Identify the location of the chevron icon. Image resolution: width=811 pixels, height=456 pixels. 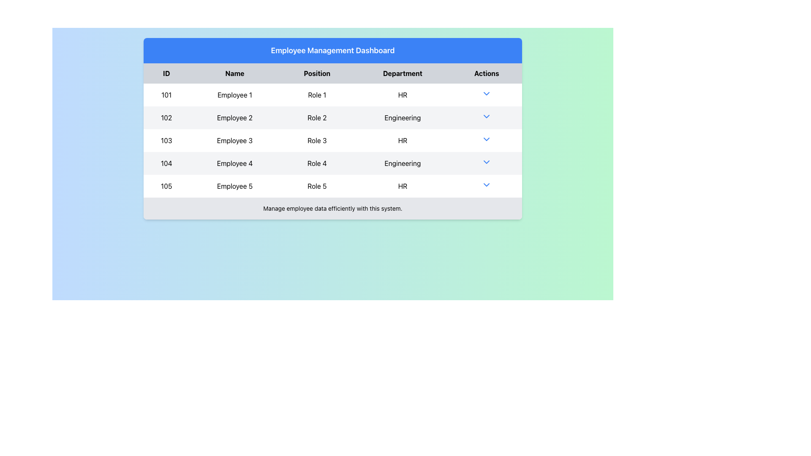
(487, 163).